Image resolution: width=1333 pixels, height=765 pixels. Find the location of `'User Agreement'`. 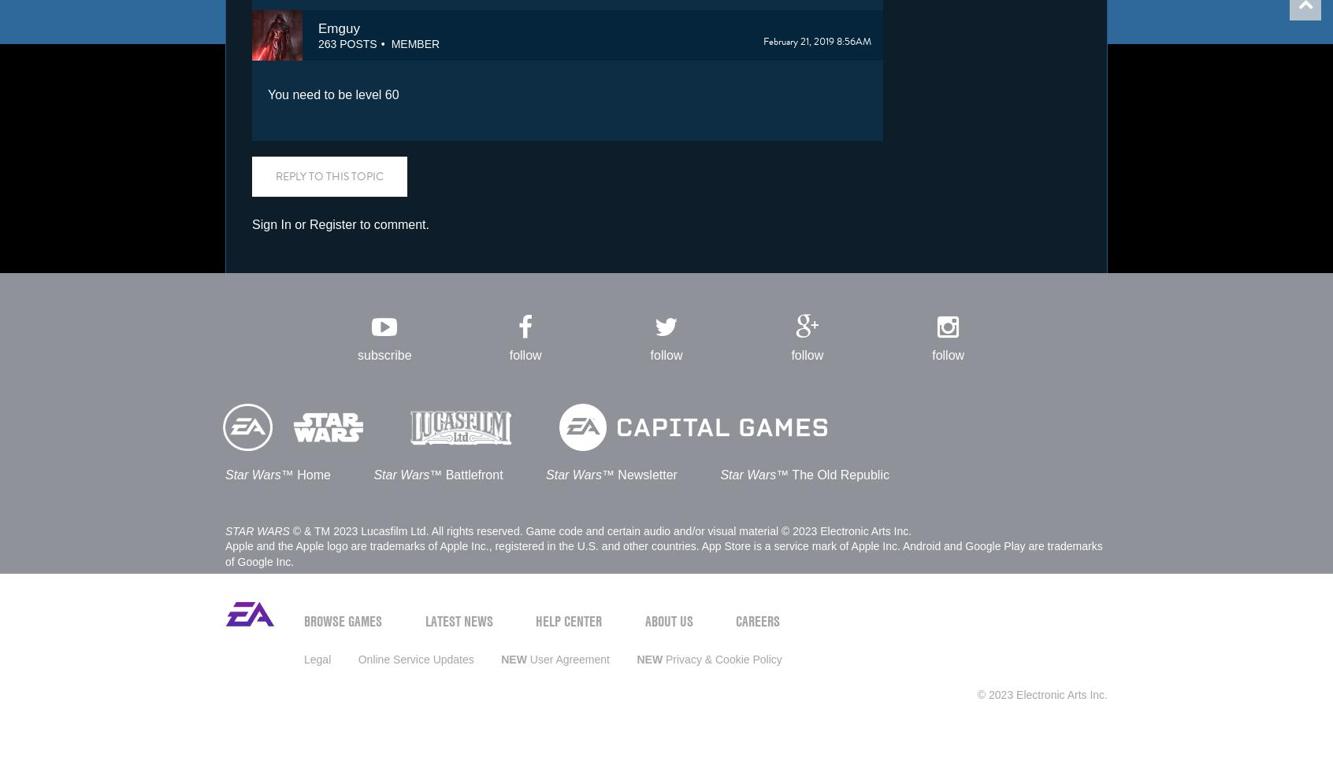

'User Agreement' is located at coordinates (566, 658).